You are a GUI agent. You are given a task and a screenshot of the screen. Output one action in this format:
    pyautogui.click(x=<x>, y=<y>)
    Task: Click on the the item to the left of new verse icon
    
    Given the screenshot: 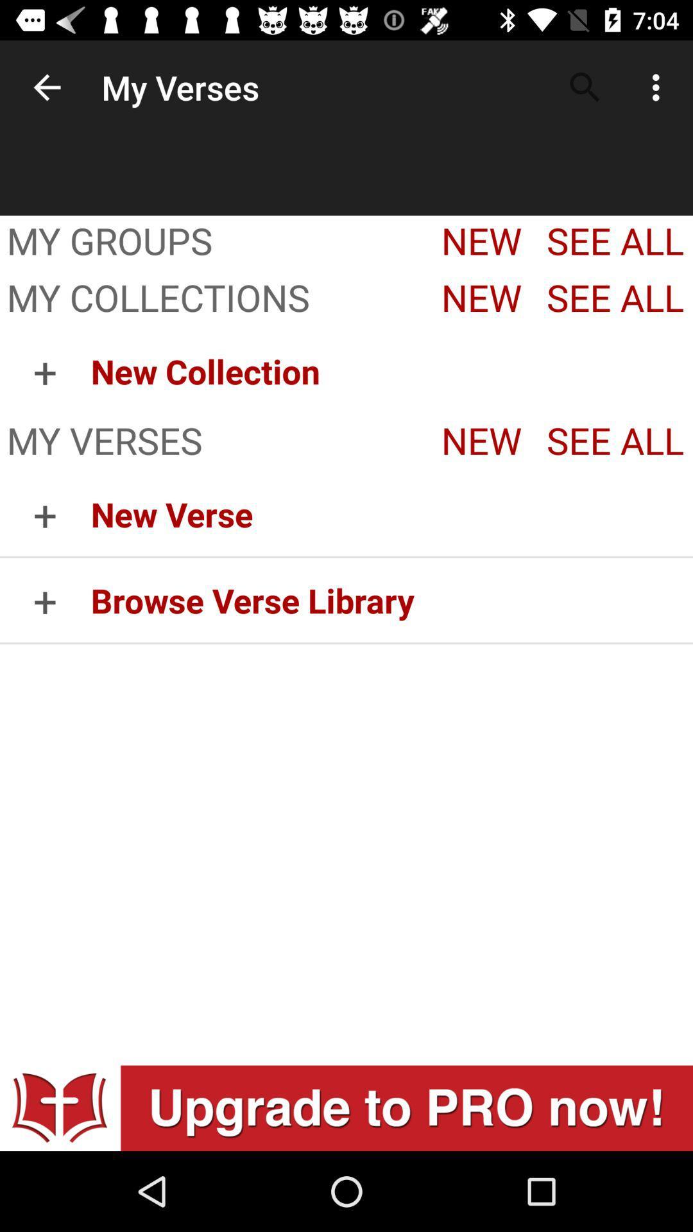 What is the action you would take?
    pyautogui.click(x=44, y=599)
    